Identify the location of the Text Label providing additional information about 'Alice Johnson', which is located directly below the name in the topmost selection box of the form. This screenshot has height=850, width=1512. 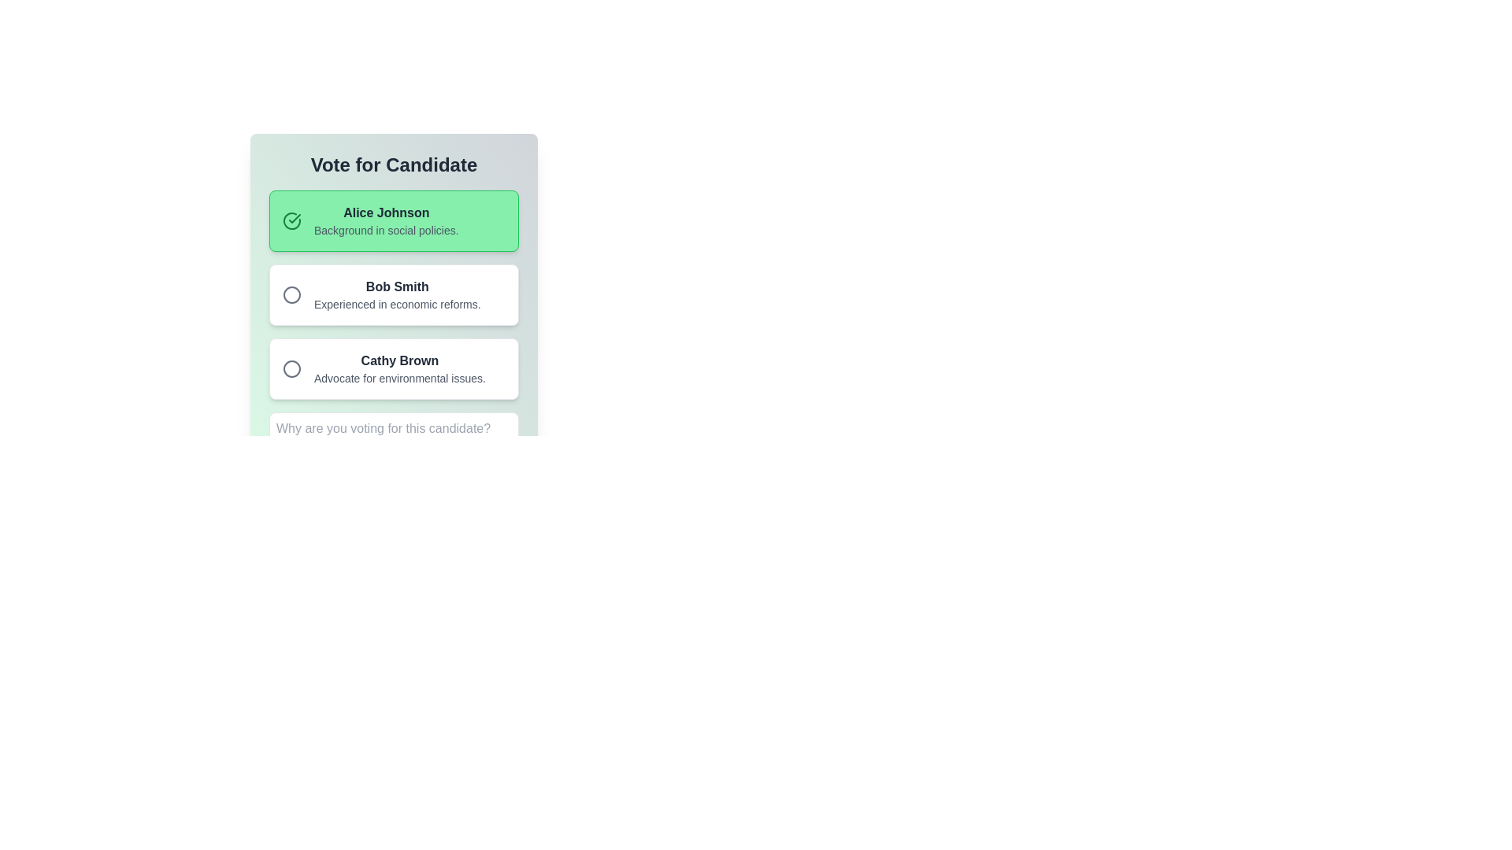
(386, 231).